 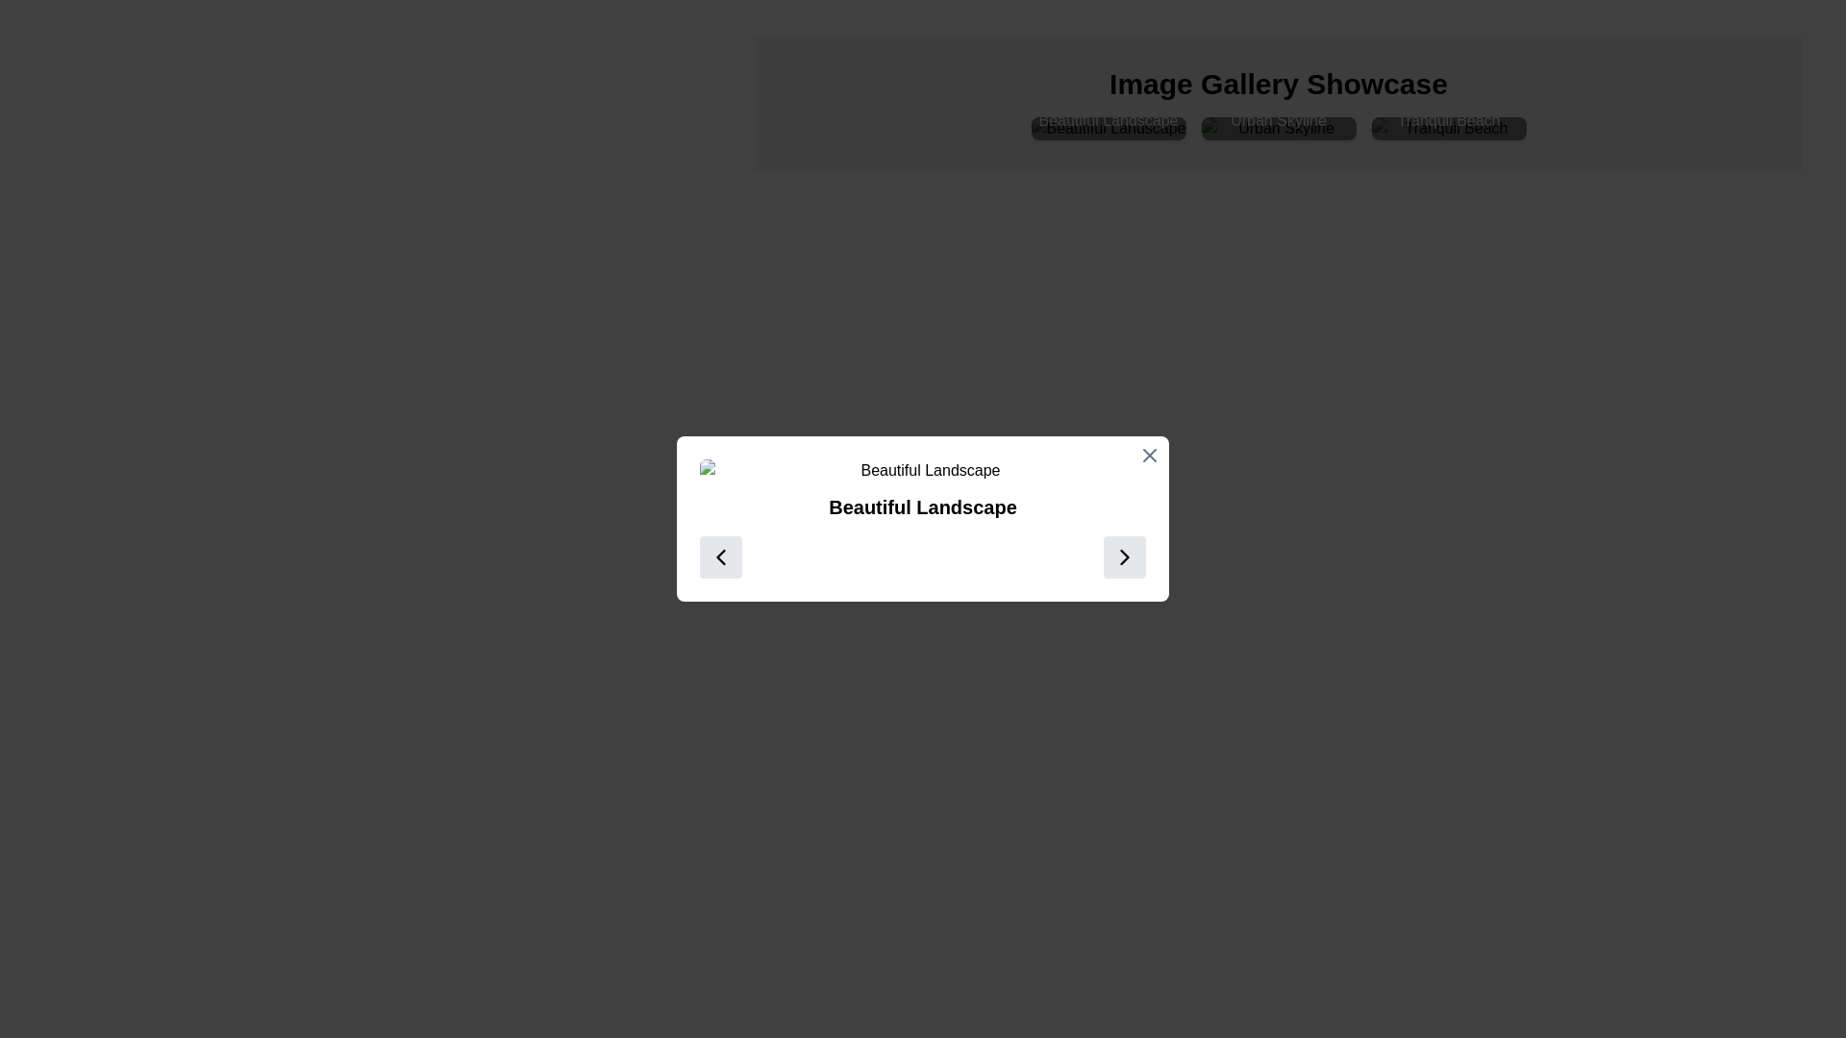 I want to click on the 'next' button, which is positioned on the far right within a horizontal layout at the bottom of a modal dialog box, so click(x=1125, y=556).